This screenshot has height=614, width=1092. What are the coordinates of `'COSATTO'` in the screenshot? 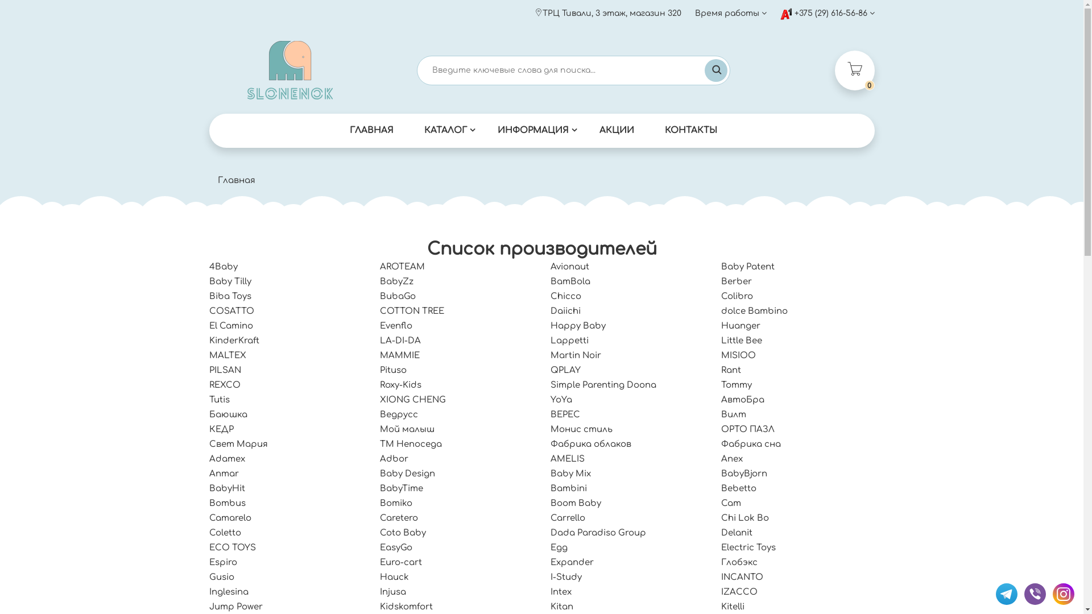 It's located at (231, 311).